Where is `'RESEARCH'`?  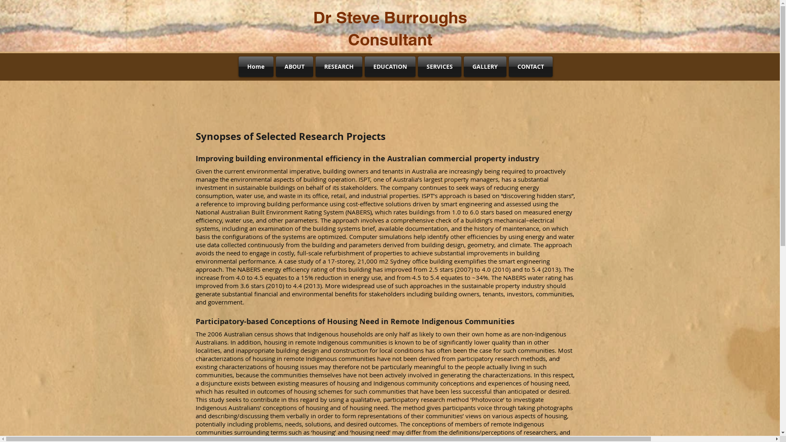 'RESEARCH' is located at coordinates (339, 66).